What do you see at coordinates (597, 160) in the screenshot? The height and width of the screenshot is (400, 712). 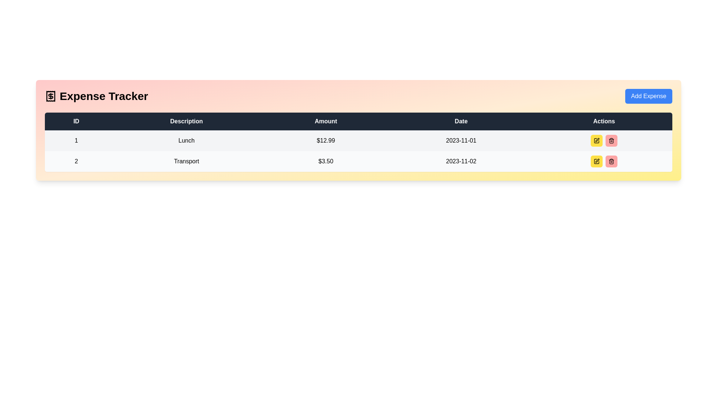 I see `the interactive edit button for the second expense entry labeled 'Transport' in the 'Actions' column` at bounding box center [597, 160].